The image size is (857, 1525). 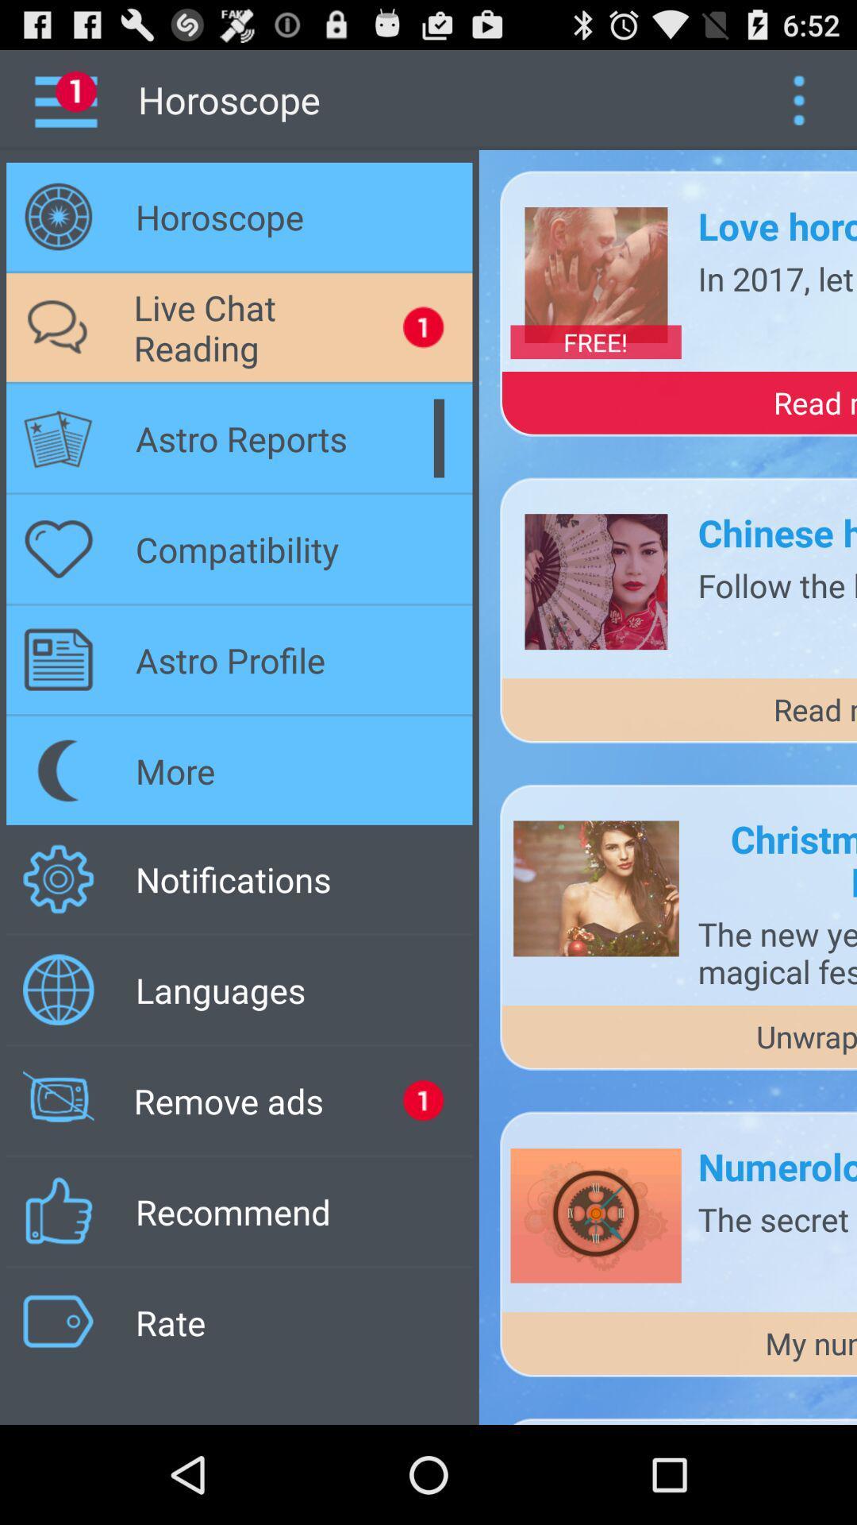 What do you see at coordinates (776, 532) in the screenshot?
I see `chinese horoscope 2017 icon` at bounding box center [776, 532].